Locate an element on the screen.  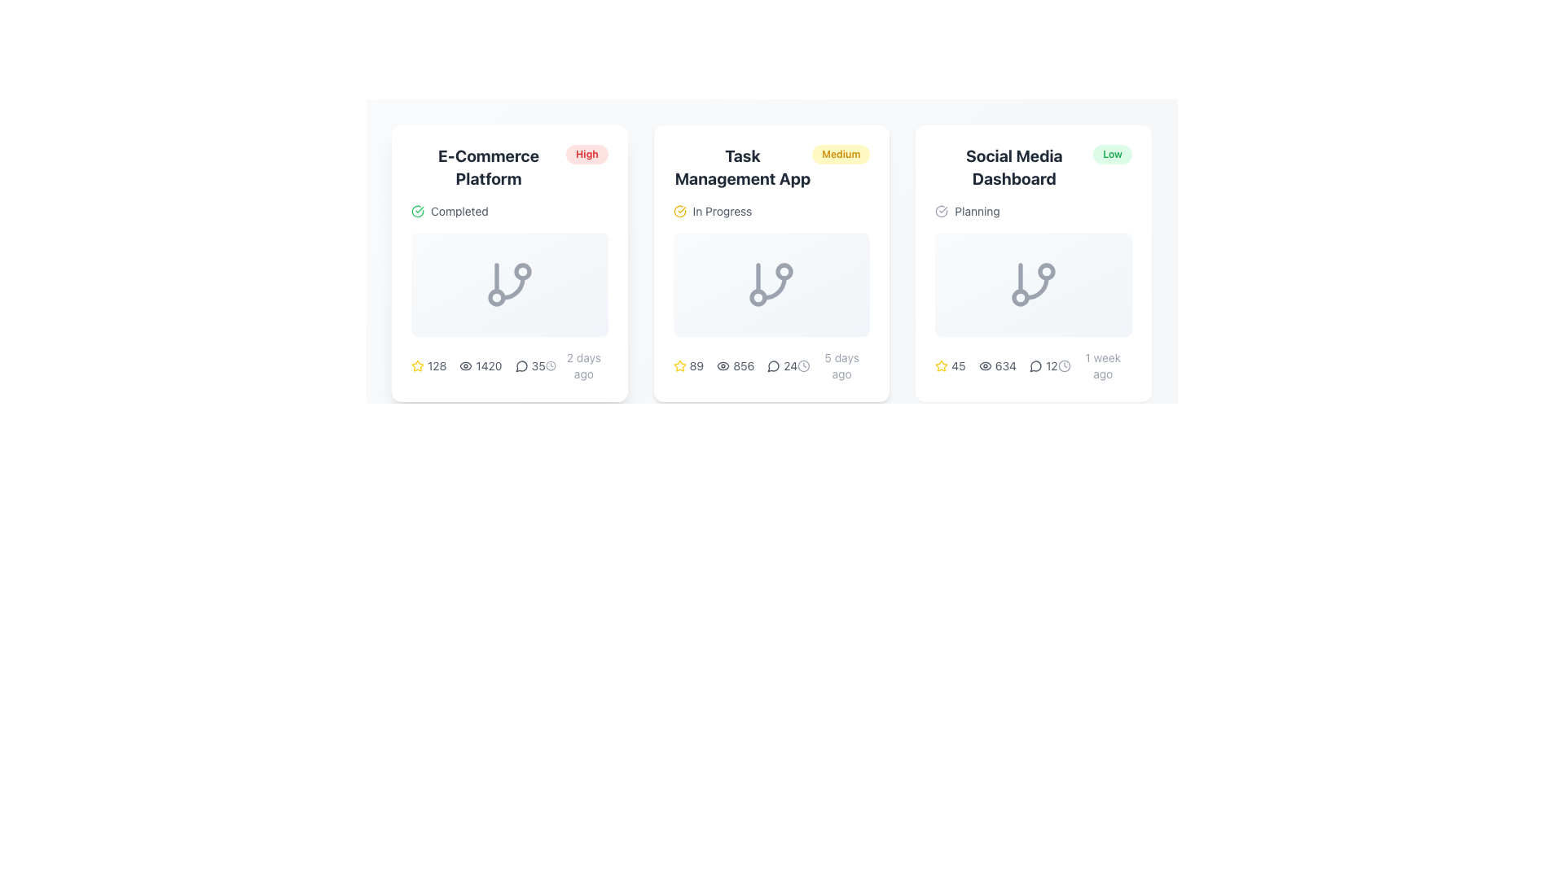
the text element displaying '5 days ago' in light gray color, located at the bottom-right corner of the third card in a series of cards is located at coordinates (841, 366).